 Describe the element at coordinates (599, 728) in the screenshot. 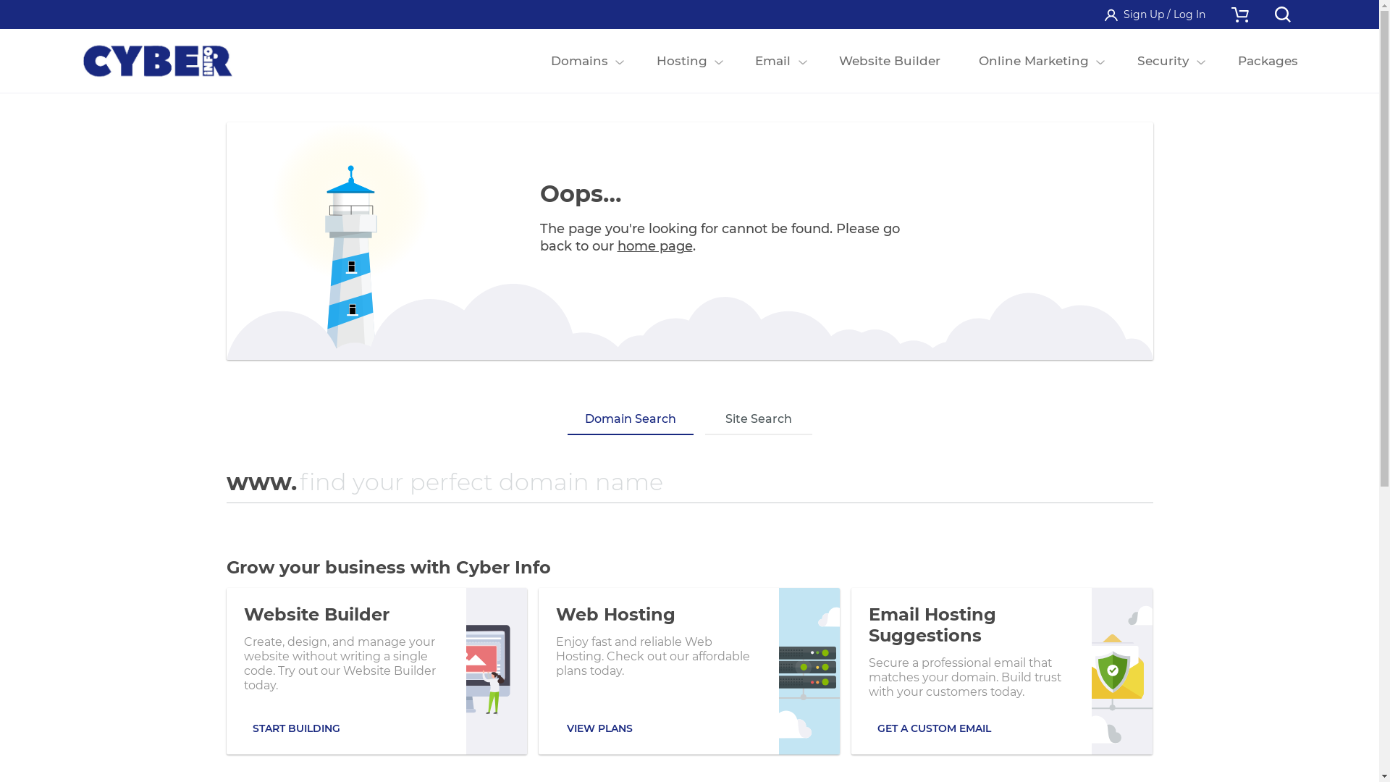

I see `'VIEW PLANS'` at that location.